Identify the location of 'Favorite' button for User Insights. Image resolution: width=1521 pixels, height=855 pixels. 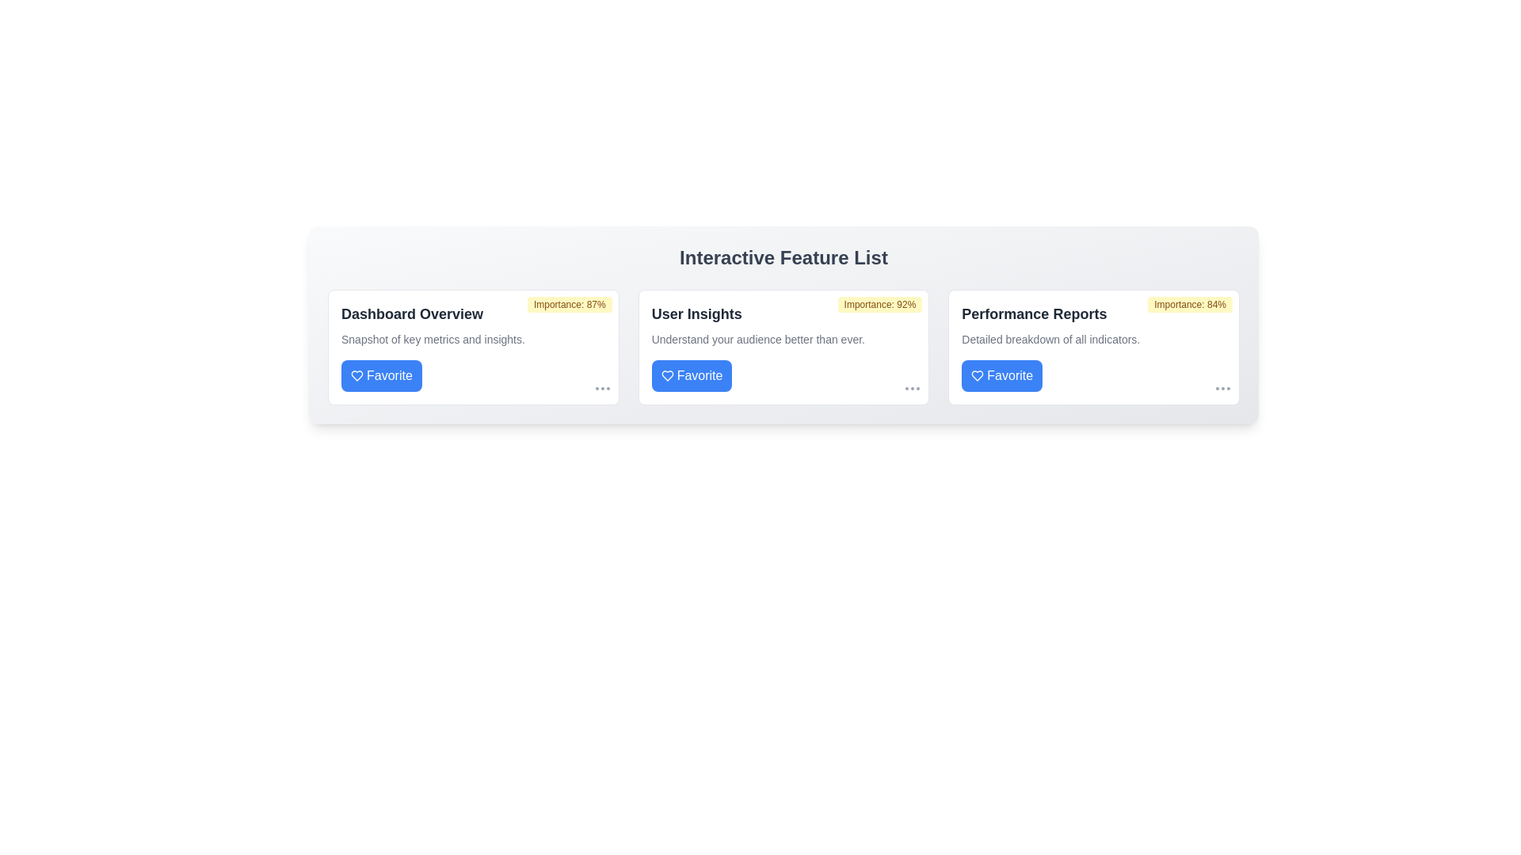
(692, 375).